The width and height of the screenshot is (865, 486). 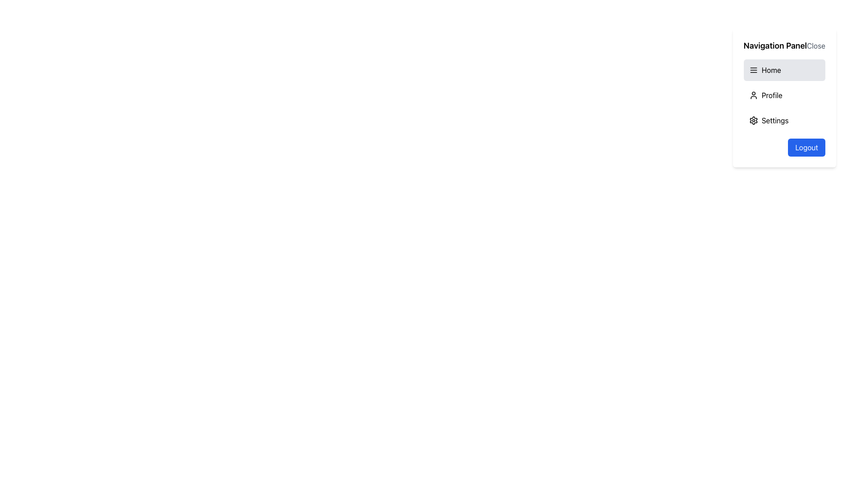 I want to click on the logout button located at the bottom-right corner of the vertical navigation panel, so click(x=806, y=147).